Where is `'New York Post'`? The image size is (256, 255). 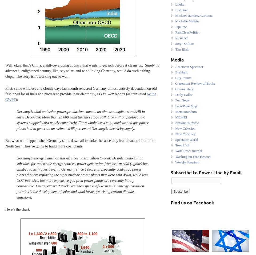 'New York Post' is located at coordinates (186, 134).